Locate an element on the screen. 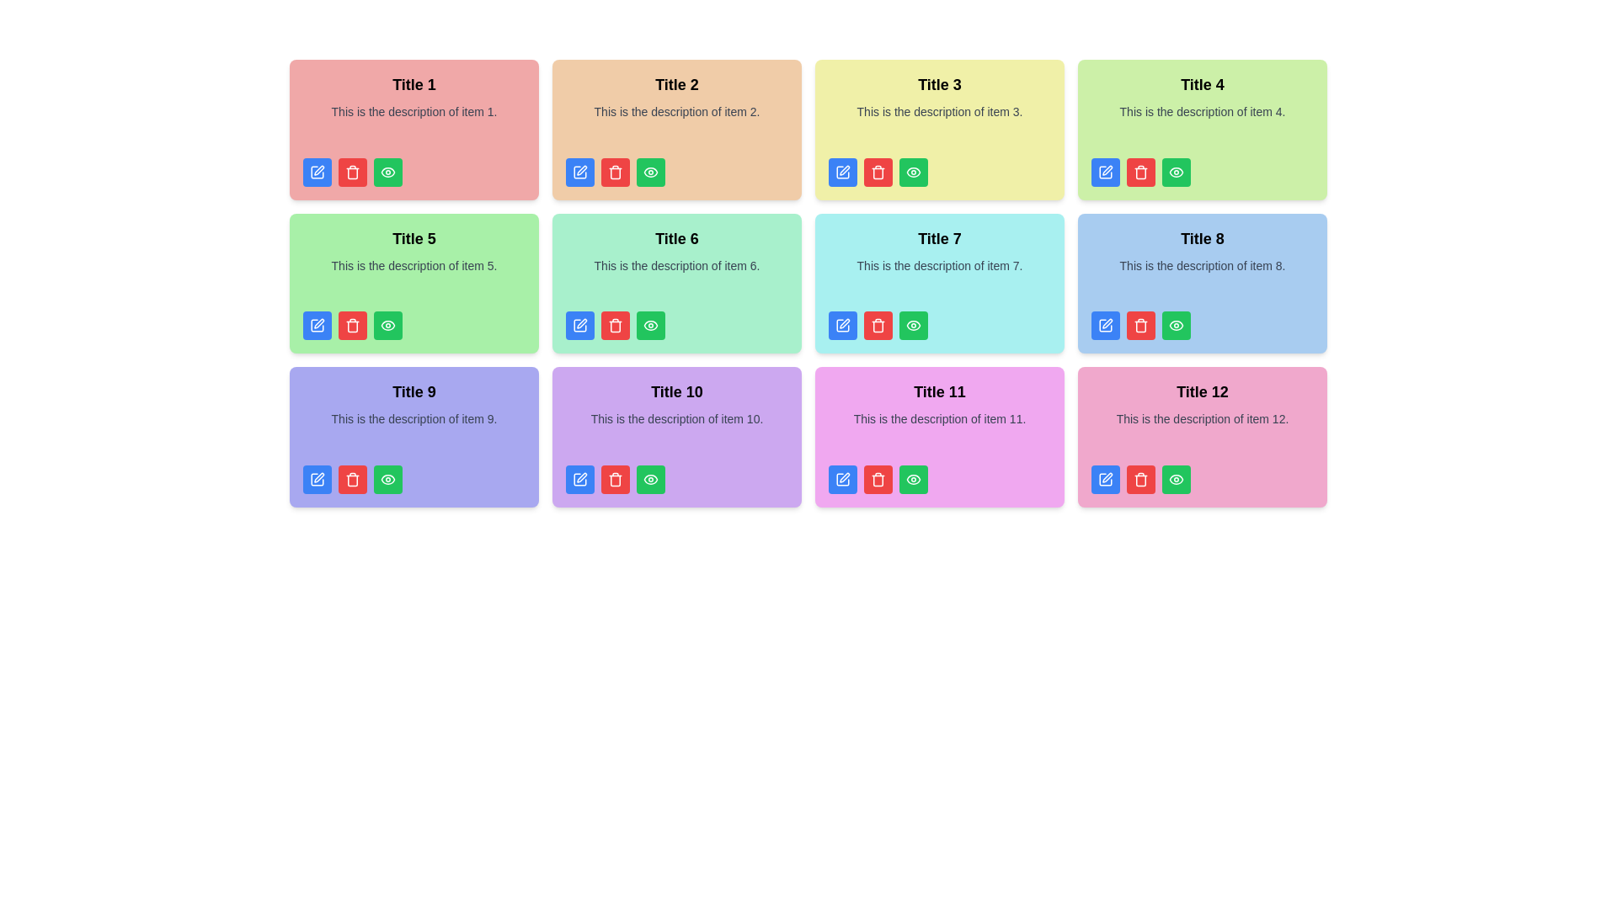 The image size is (1617, 909). the eye icon within the green button located in the card titled 'Title 10' is located at coordinates (649, 479).